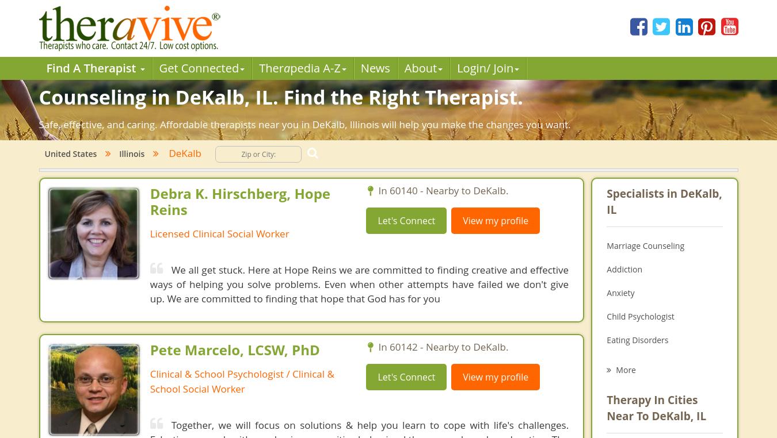 This screenshot has height=438, width=777. What do you see at coordinates (443, 347) in the screenshot?
I see `'In 60142 - Nearby to DeKalb.'` at bounding box center [443, 347].